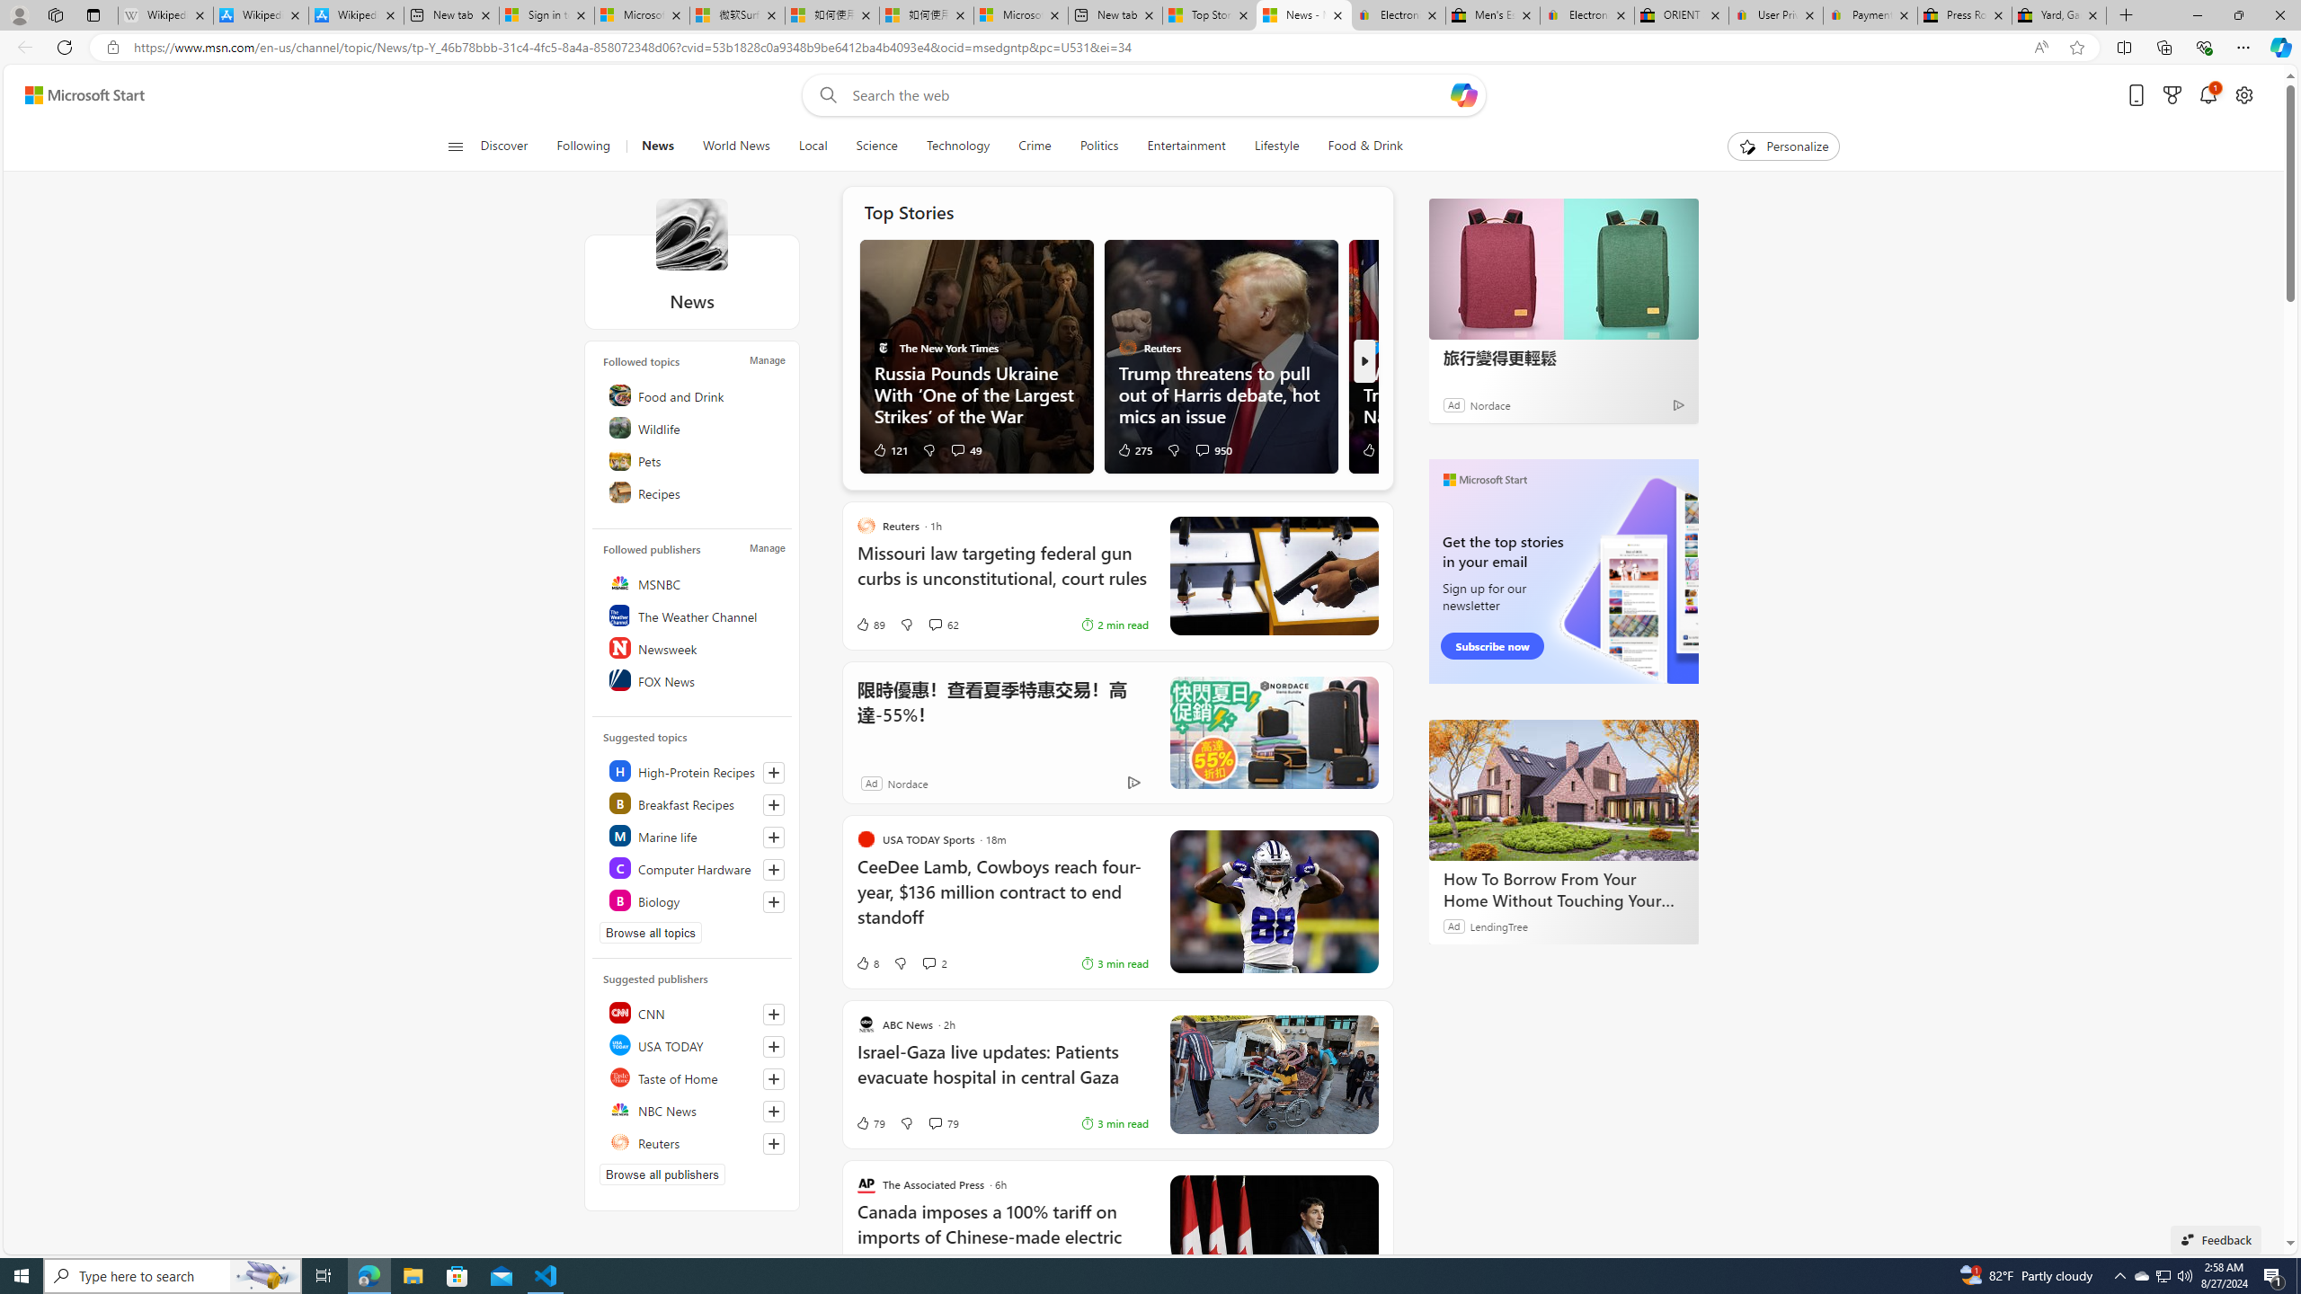 Image resolution: width=2301 pixels, height=1294 pixels. What do you see at coordinates (773, 901) in the screenshot?
I see `'Follow this topic'` at bounding box center [773, 901].